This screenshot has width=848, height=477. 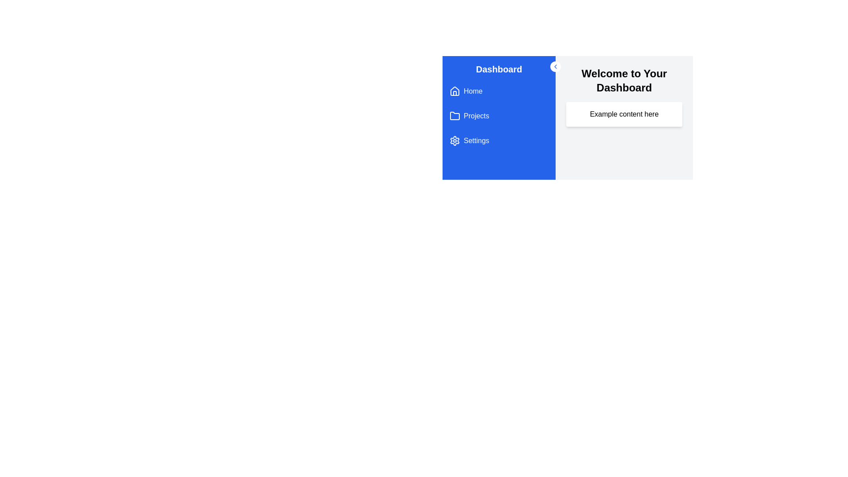 What do you see at coordinates (555, 66) in the screenshot?
I see `the chevron-left icon, which is a small circular button with a white background and blue outline located at the top-right corner of the blue dashboard section` at bounding box center [555, 66].